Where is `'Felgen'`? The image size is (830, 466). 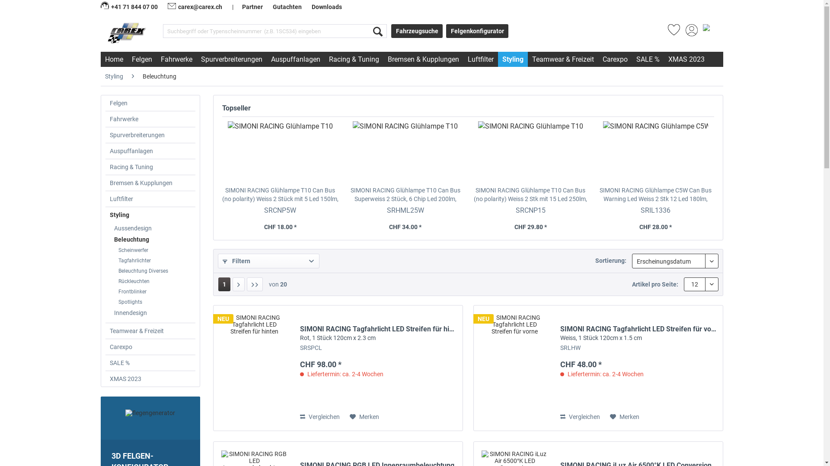 'Felgen' is located at coordinates (150, 103).